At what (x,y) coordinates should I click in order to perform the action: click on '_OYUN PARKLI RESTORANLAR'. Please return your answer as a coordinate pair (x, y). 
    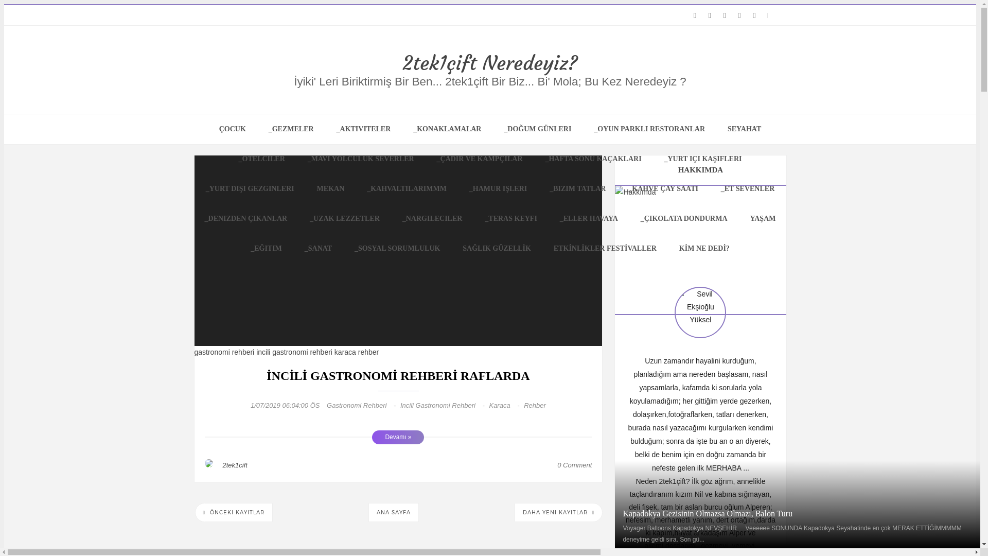
    Looking at the image, I should click on (649, 128).